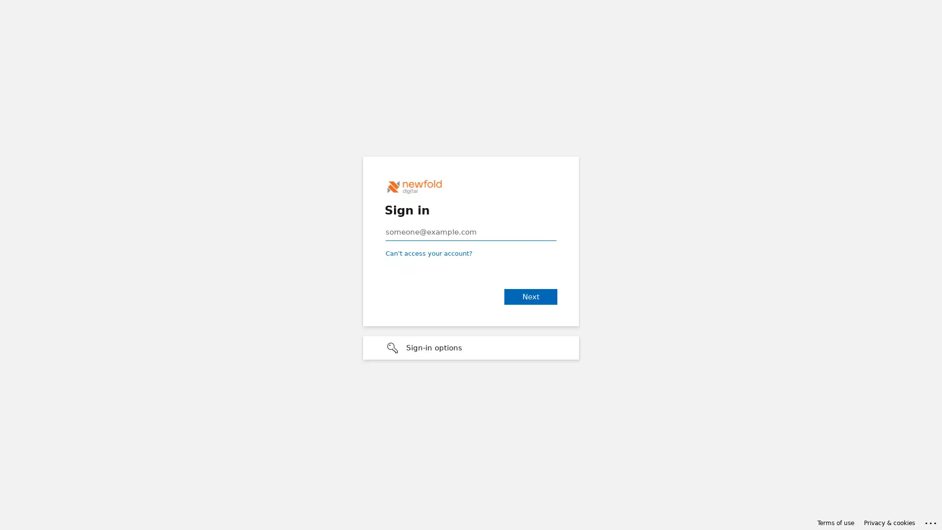 The height and width of the screenshot is (530, 942). What do you see at coordinates (931, 521) in the screenshot?
I see `Click here for troubleshooting information` at bounding box center [931, 521].